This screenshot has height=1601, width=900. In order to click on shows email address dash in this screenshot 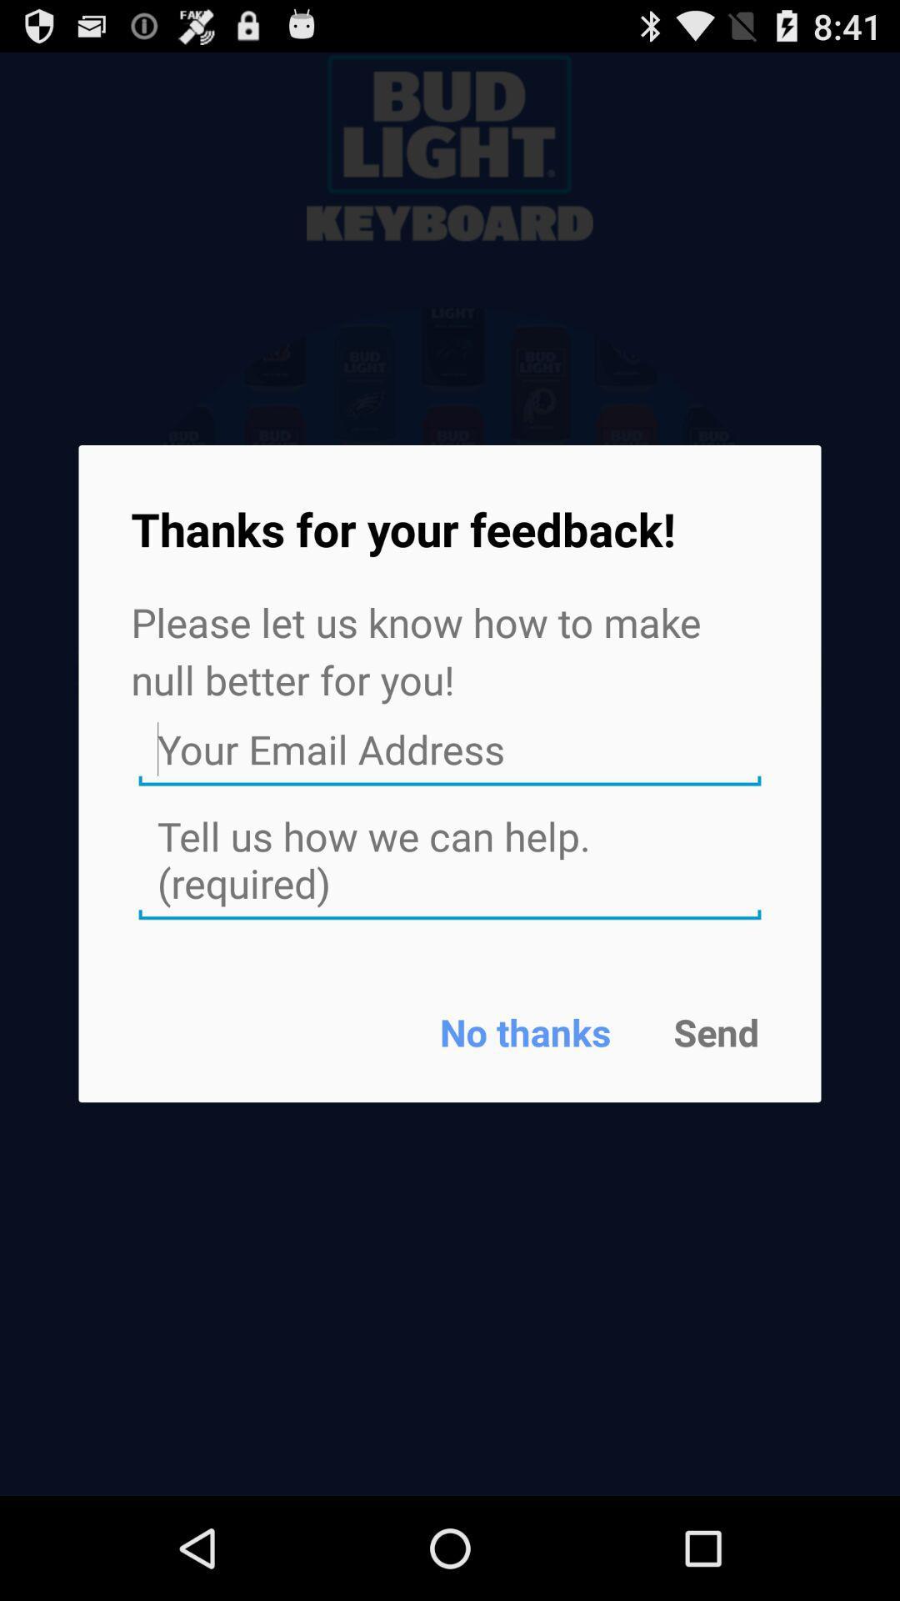, I will do `click(450, 749)`.